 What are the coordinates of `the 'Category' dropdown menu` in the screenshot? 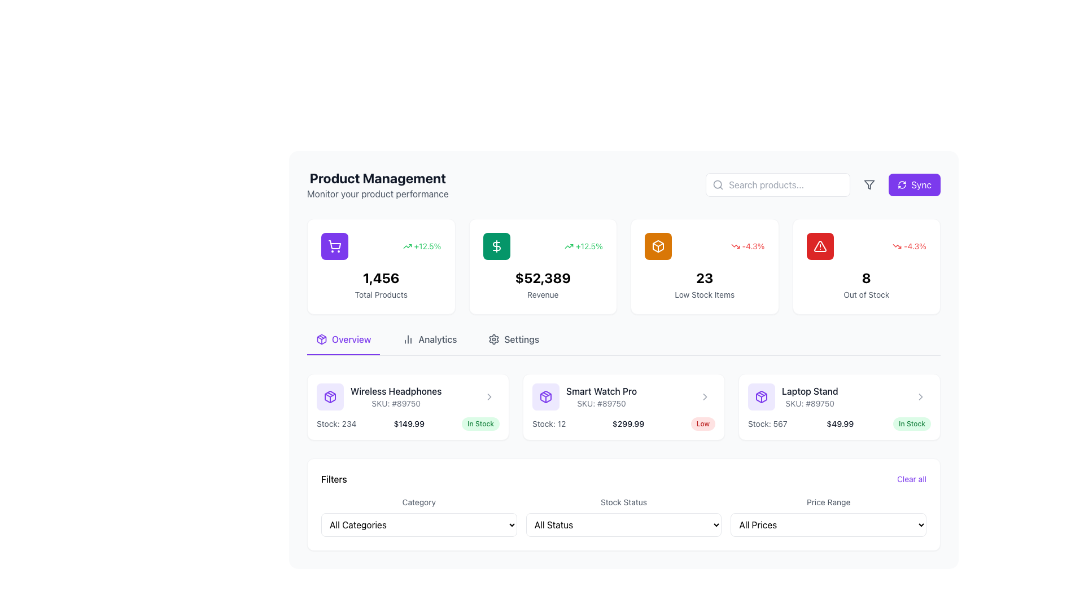 It's located at (418, 515).